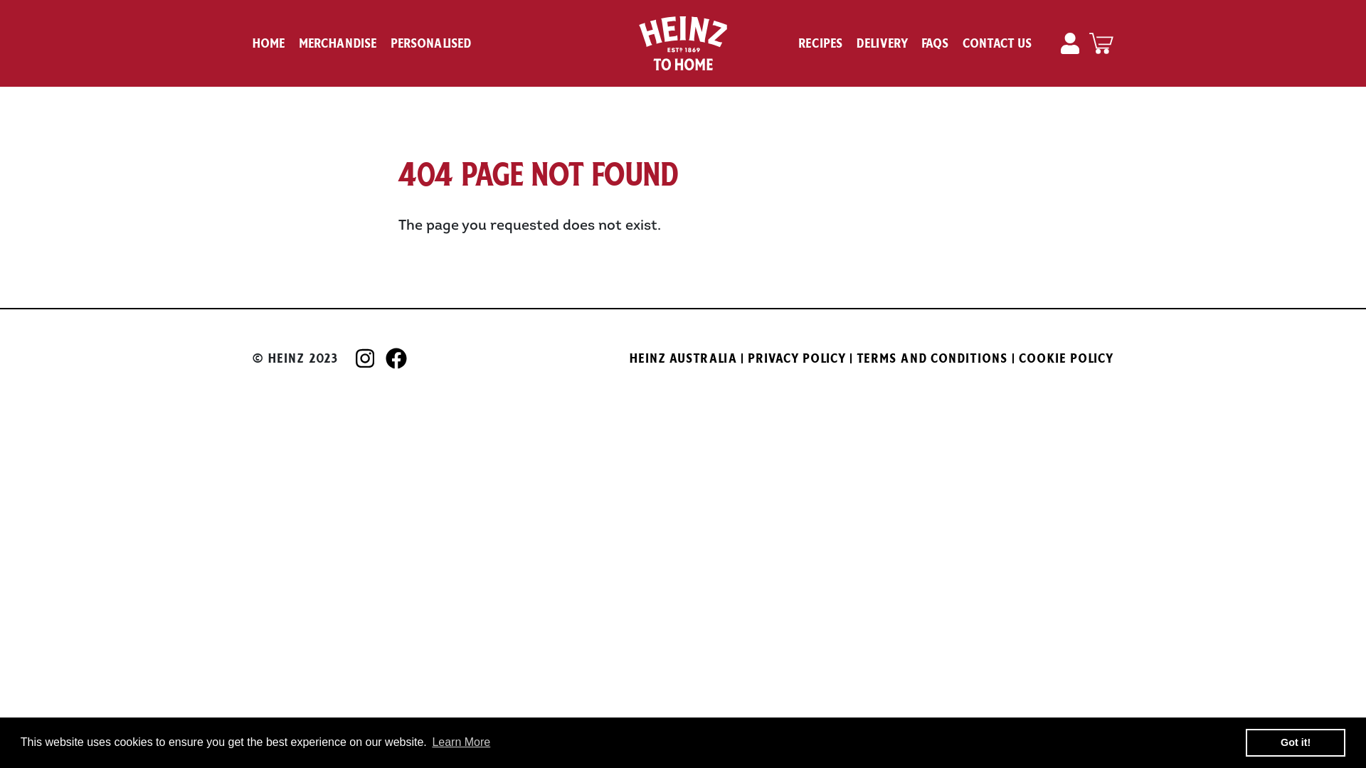  What do you see at coordinates (430, 43) in the screenshot?
I see `'Personalised'` at bounding box center [430, 43].